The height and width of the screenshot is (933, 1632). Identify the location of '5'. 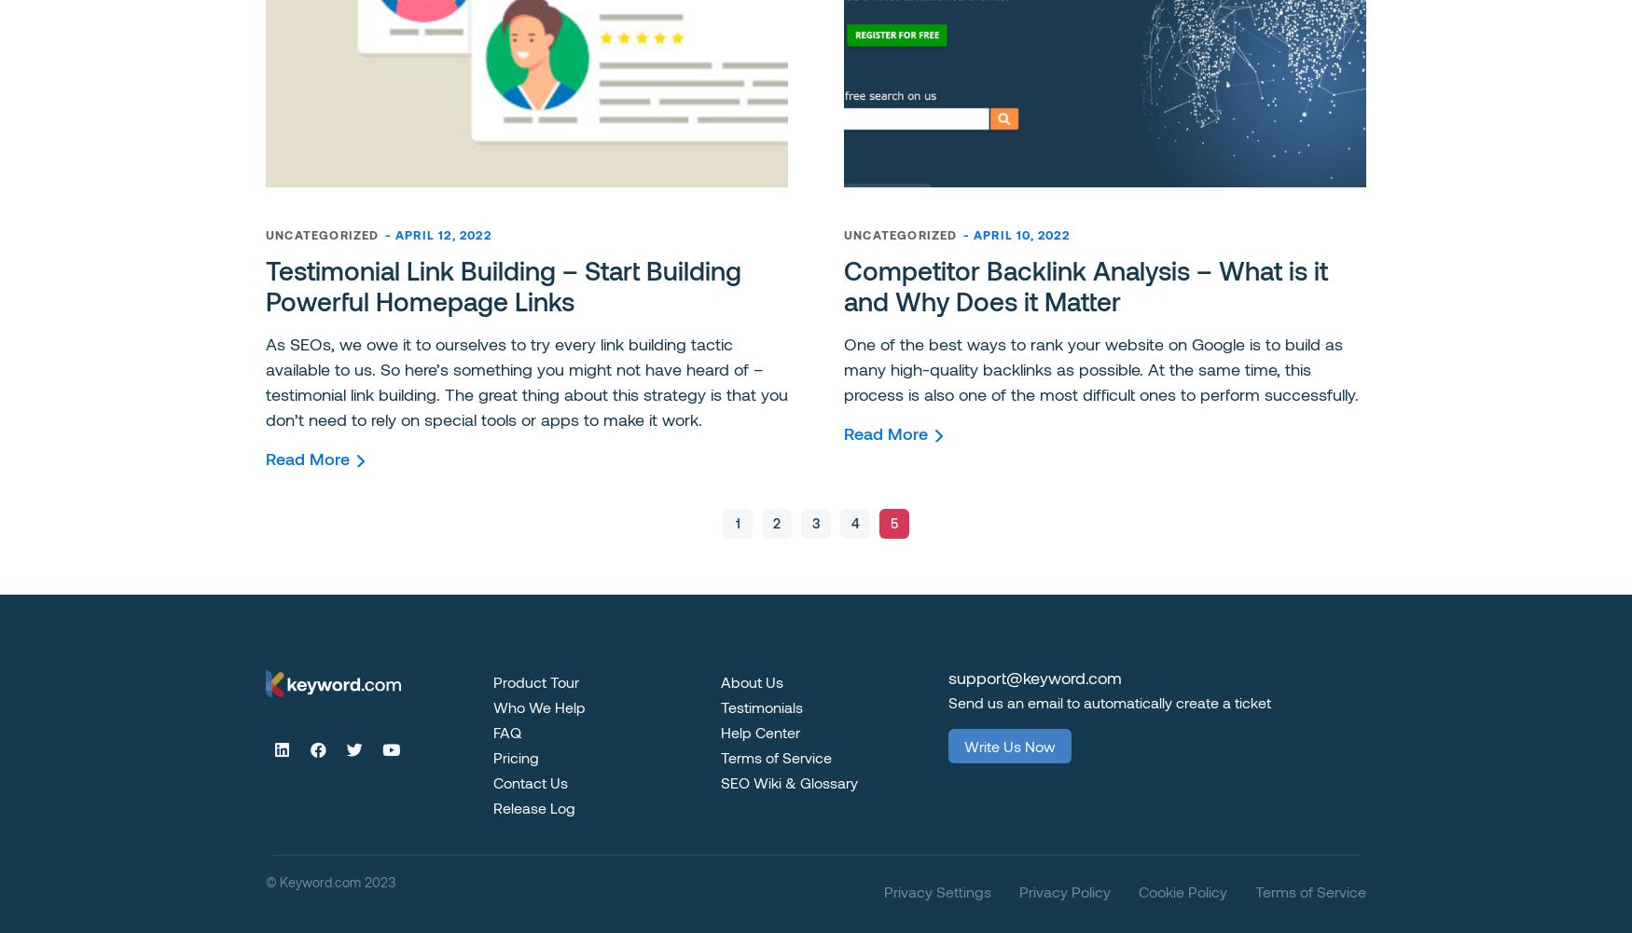
(894, 521).